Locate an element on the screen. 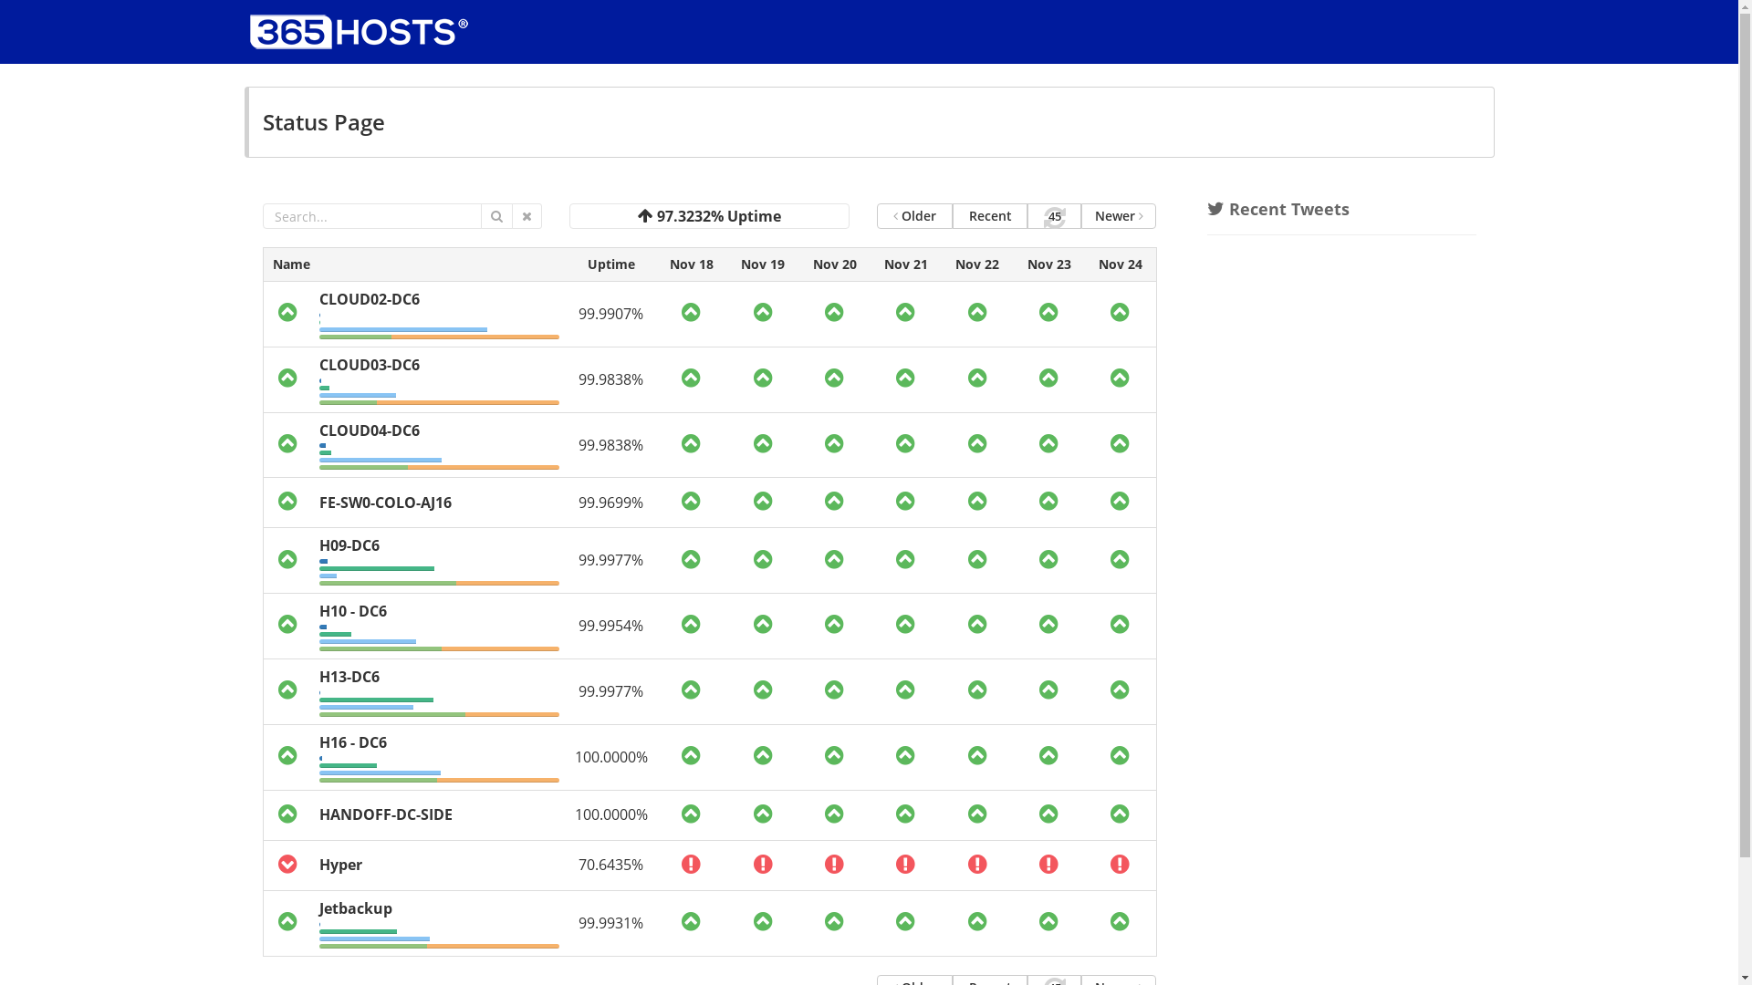  '99.9838%' is located at coordinates (577, 445).